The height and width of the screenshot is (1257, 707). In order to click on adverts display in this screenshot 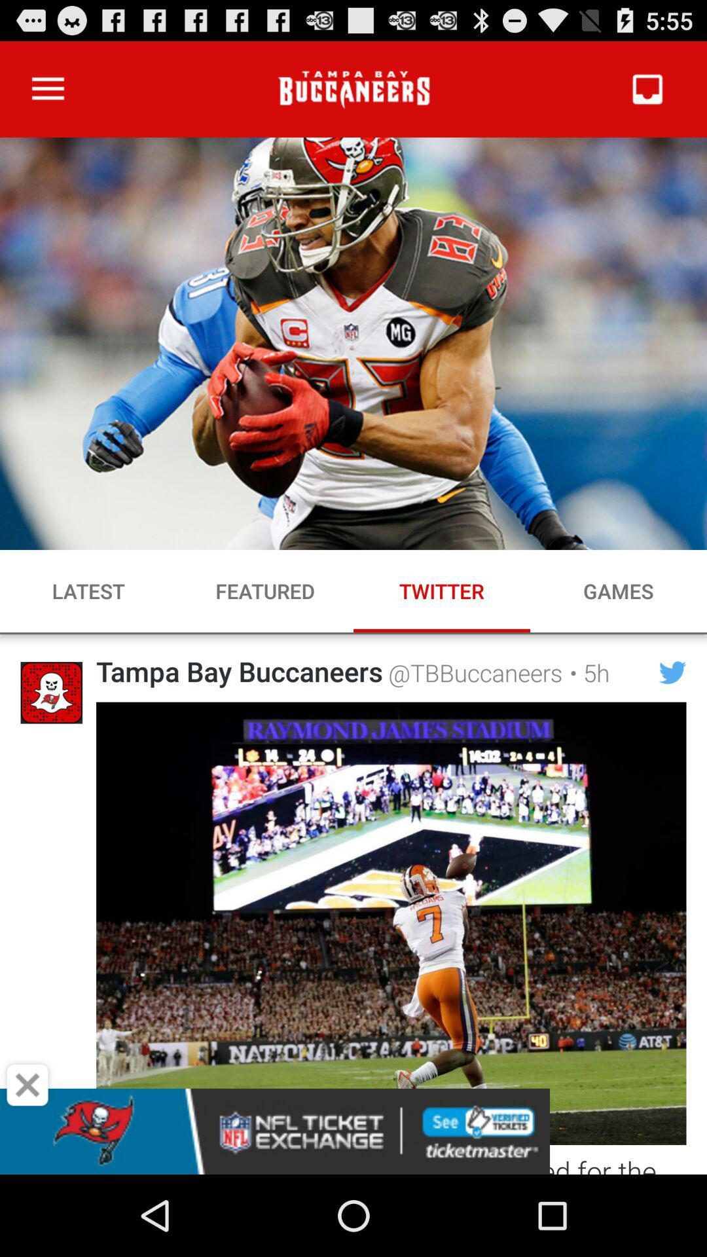, I will do `click(353, 1131)`.